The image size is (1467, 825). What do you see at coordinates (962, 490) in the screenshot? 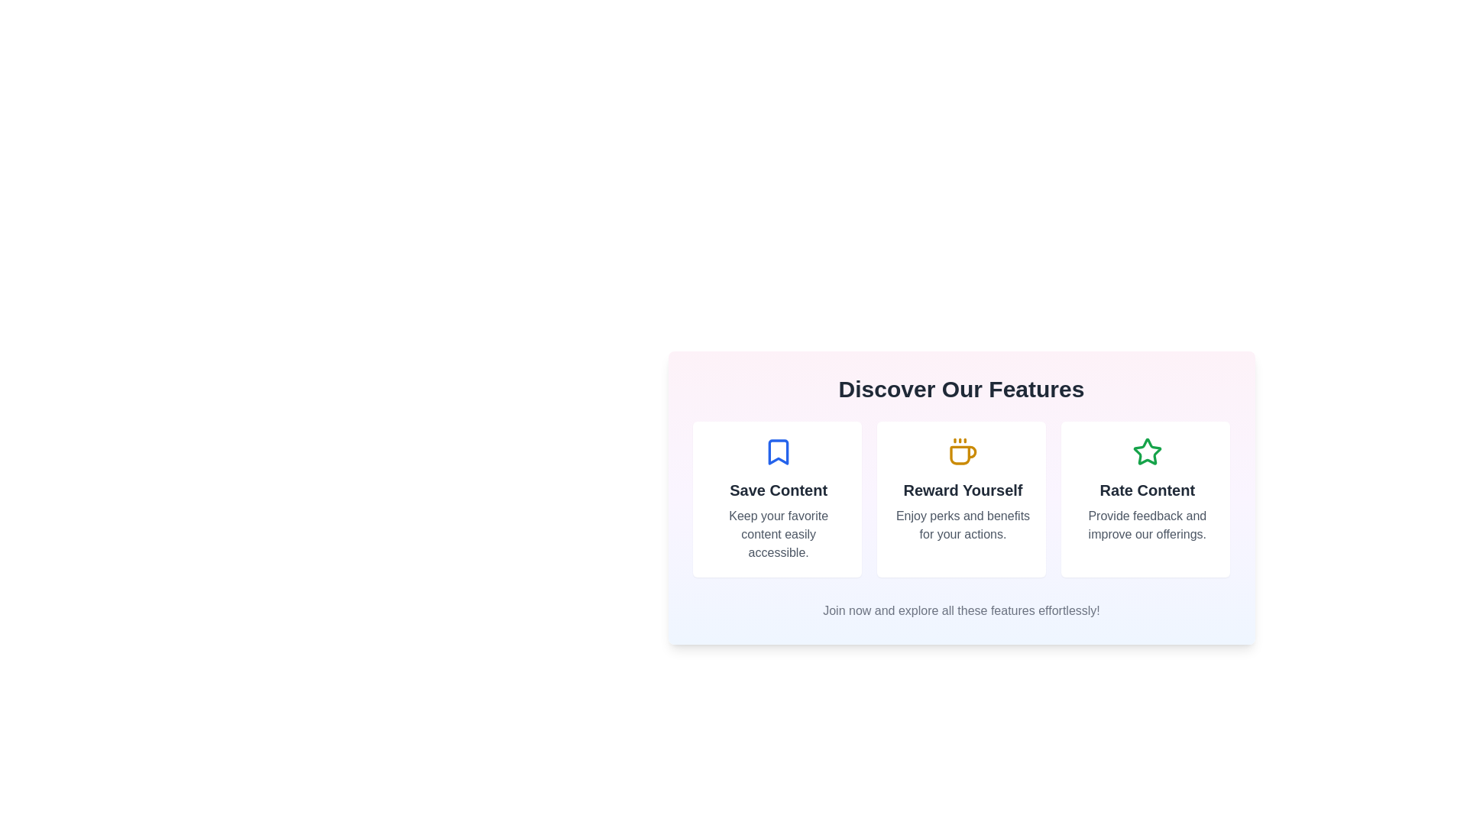
I see `text in the informational card that features a yellow coffee cup icon and the bold text 'Reward Yourself' along with the smaller gray text 'Enjoy perks and benefits for your actions.'` at bounding box center [962, 490].